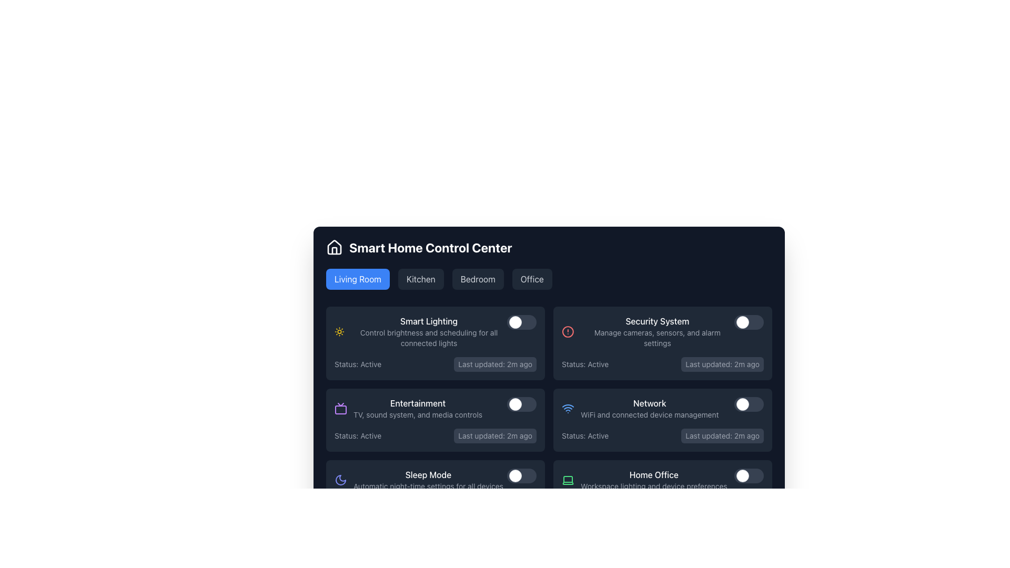 The image size is (1010, 568). I want to click on the 'Office' button in the navigation bar, so click(532, 279).